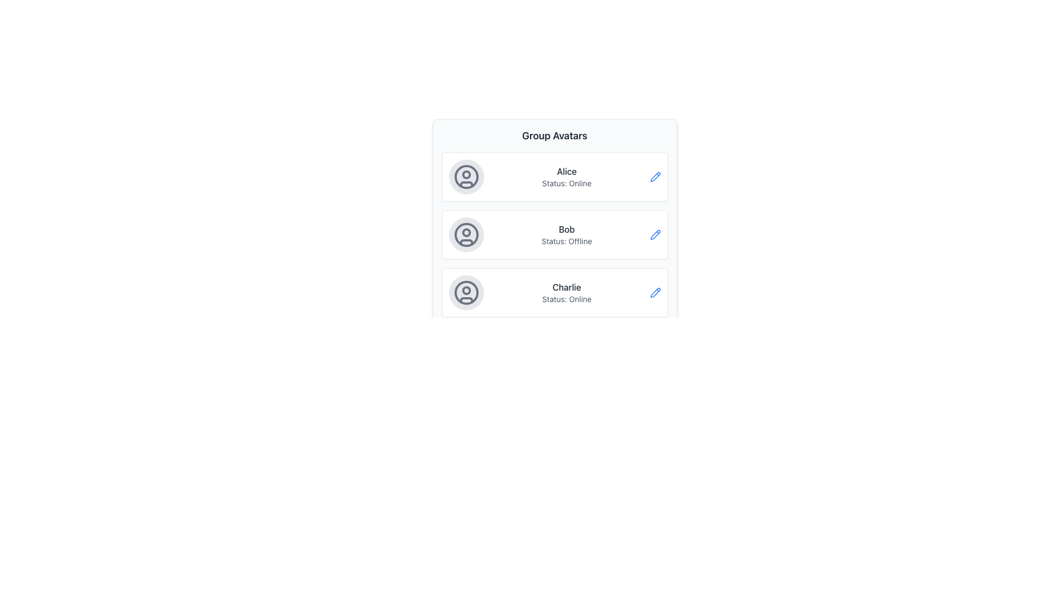 The image size is (1049, 590). Describe the element at coordinates (567, 234) in the screenshot. I see `the label displaying 'Bob' which indicates his status as 'Offline', positioned as the second item in a vertical list of similar elements` at that location.